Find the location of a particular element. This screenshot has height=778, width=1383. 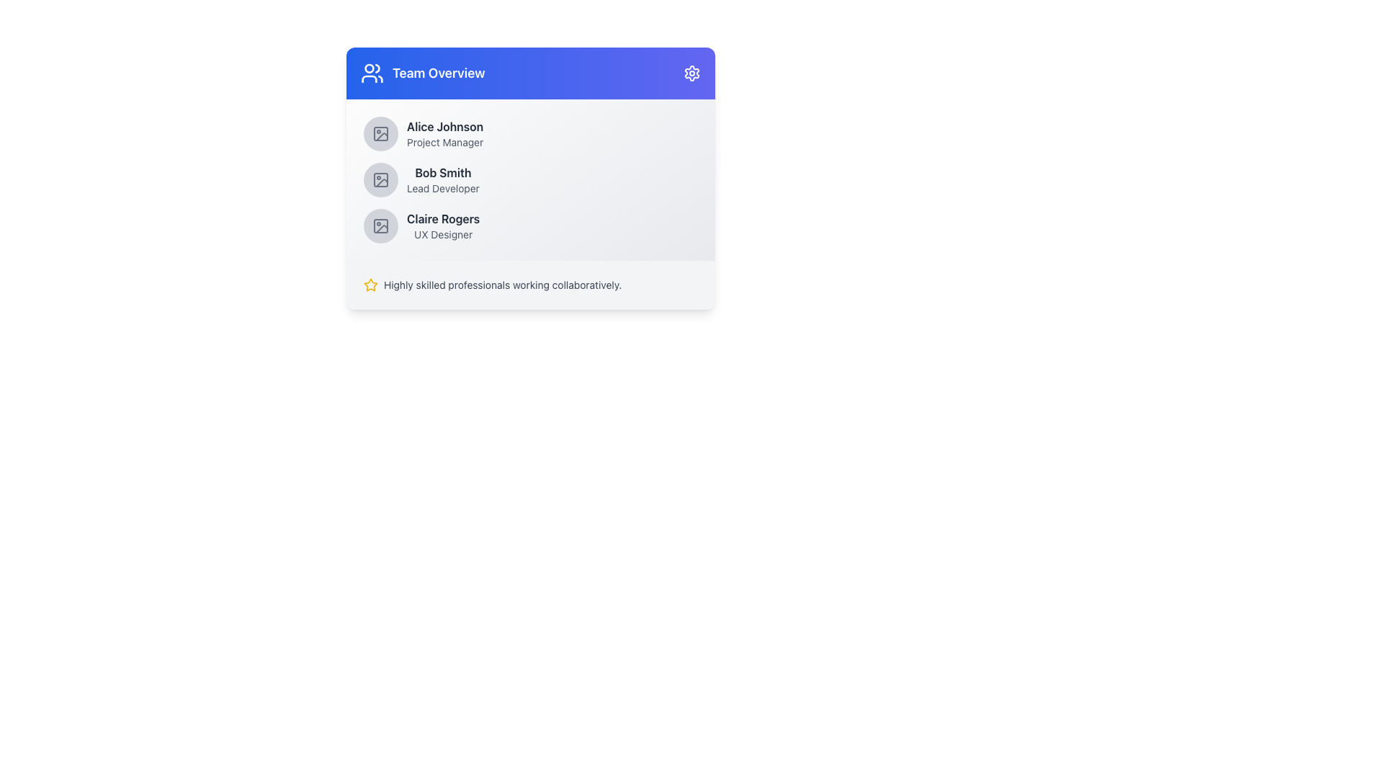

the settings icon button located in the top-right corner of the blue header section of the card, adjacent to the 'Team Overview' title is located at coordinates (691, 73).